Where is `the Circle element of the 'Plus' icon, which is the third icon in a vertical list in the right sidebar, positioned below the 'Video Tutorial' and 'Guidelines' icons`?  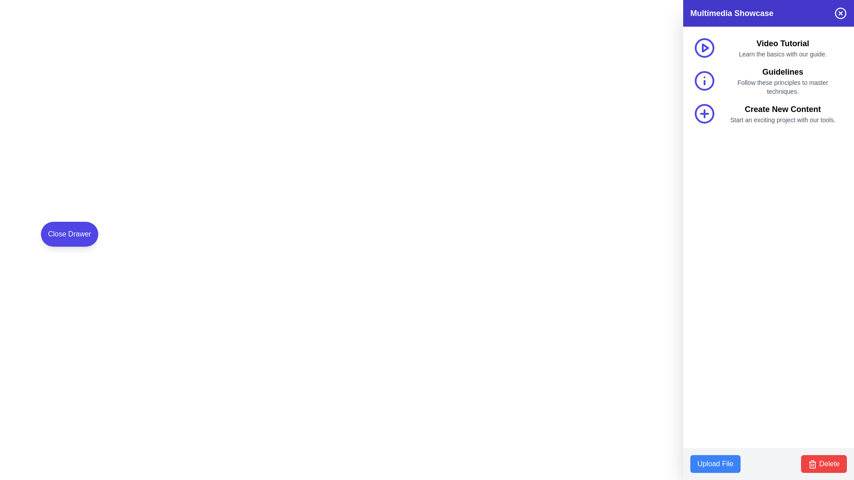
the Circle element of the 'Plus' icon, which is the third icon in a vertical list in the right sidebar, positioned below the 'Video Tutorial' and 'Guidelines' icons is located at coordinates (704, 113).